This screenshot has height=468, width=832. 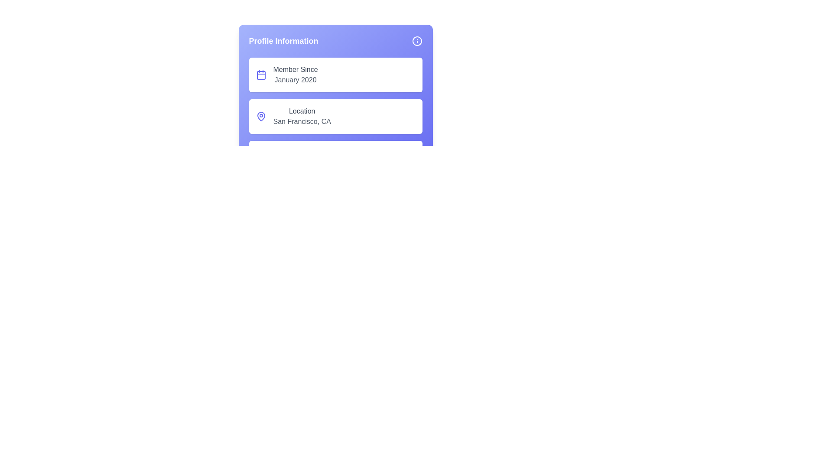 What do you see at coordinates (417, 41) in the screenshot?
I see `the Informational Icon located at the right end of the 'Profile Information' header` at bounding box center [417, 41].